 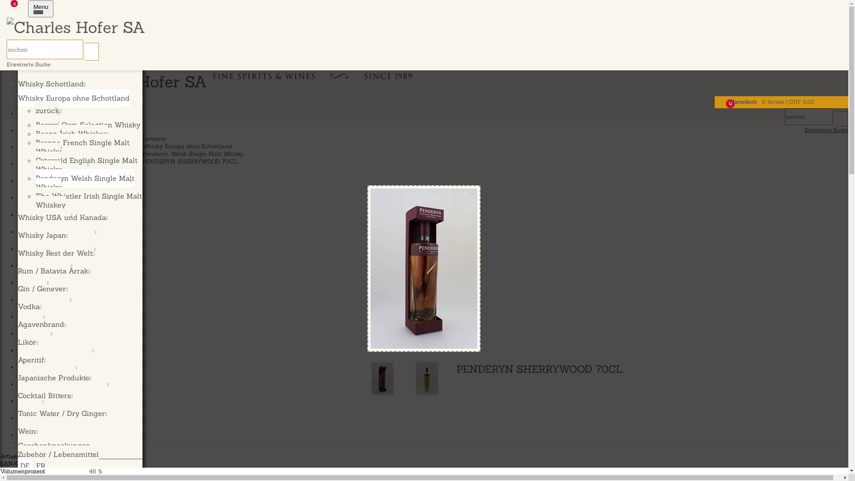 I want to click on 'Whisky Japan', so click(x=42, y=235).